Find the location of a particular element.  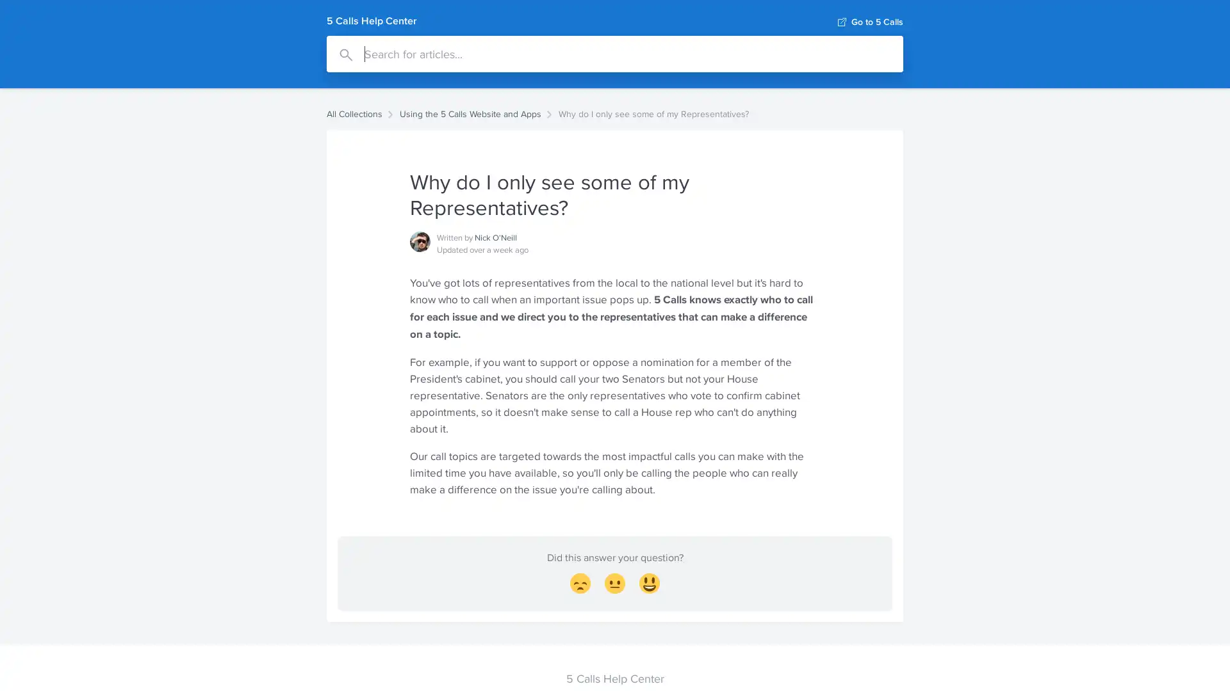

Open Intercom Messenger is located at coordinates (1197, 658).